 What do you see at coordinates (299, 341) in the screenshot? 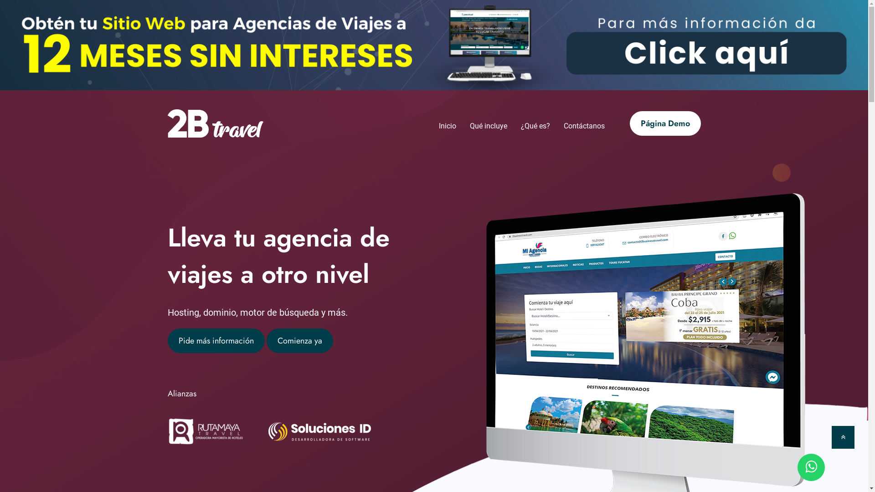
I see `'Comienza ya'` at bounding box center [299, 341].